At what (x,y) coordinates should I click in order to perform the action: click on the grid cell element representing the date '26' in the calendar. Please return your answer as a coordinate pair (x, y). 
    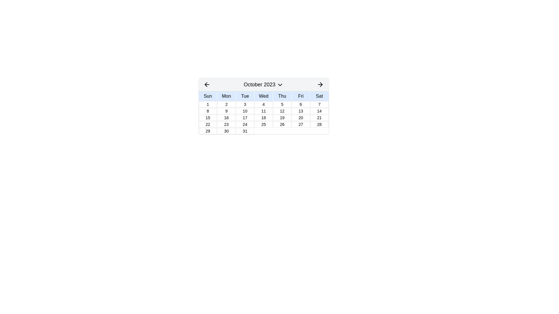
    Looking at the image, I should click on (282, 124).